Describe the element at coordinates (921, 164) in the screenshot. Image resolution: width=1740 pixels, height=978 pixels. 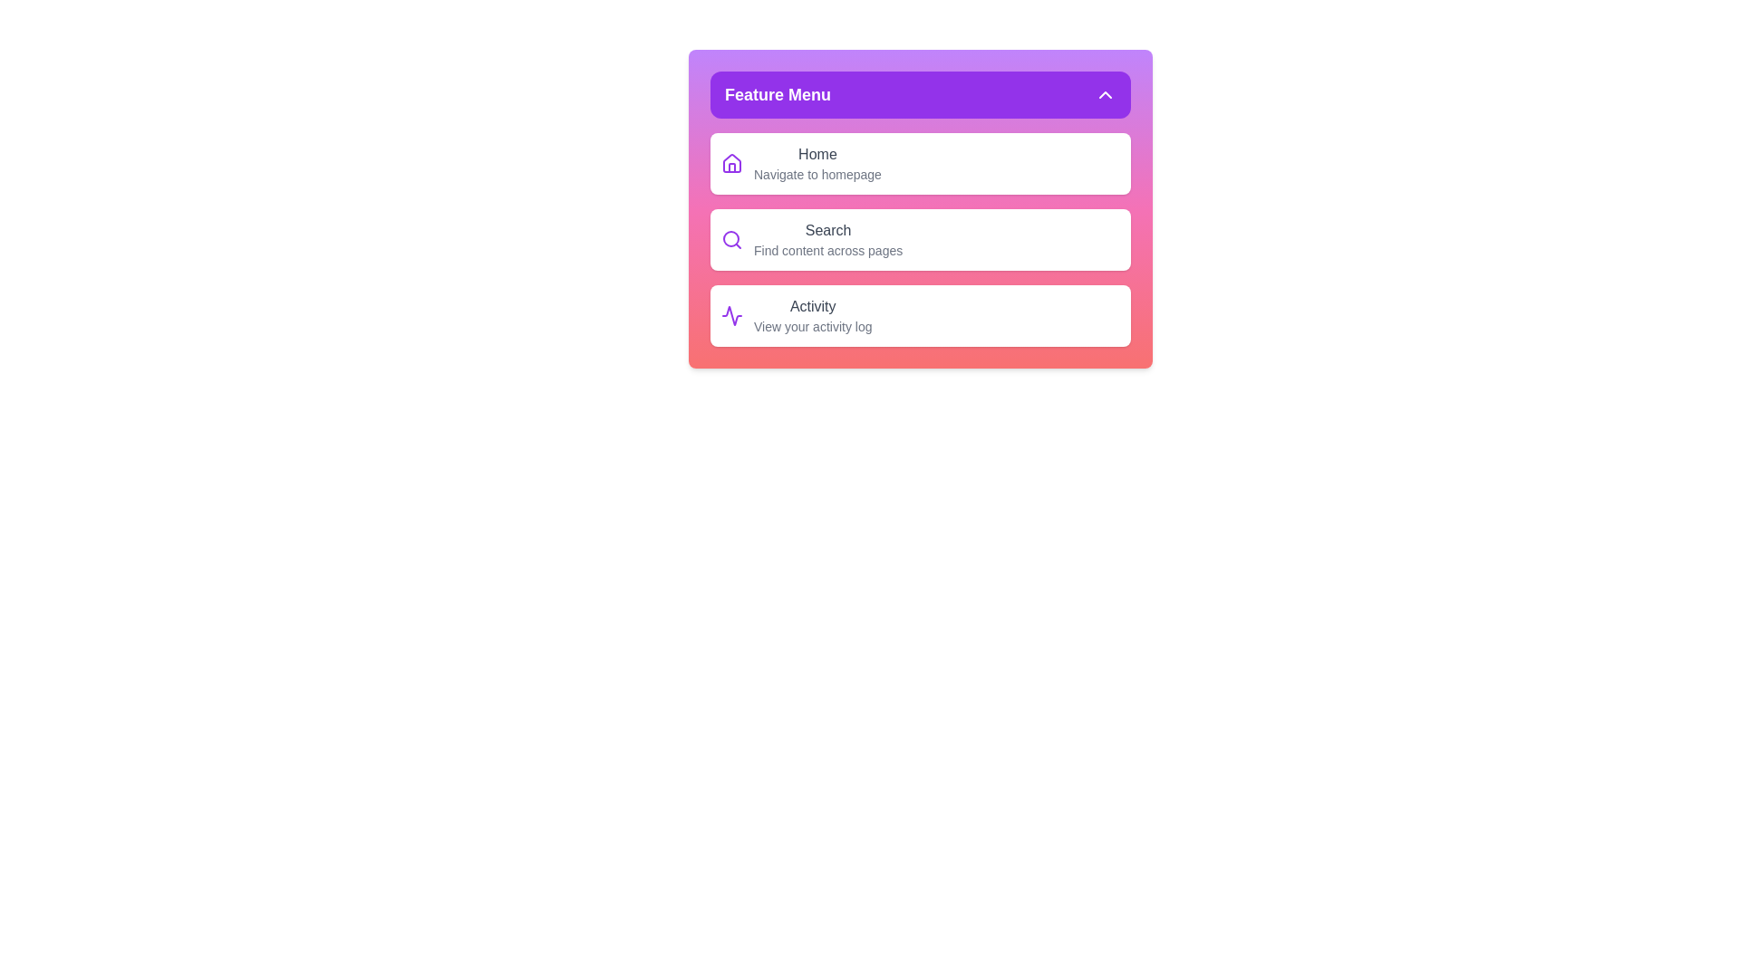
I see `the menu item Home to view its hover effect` at that location.